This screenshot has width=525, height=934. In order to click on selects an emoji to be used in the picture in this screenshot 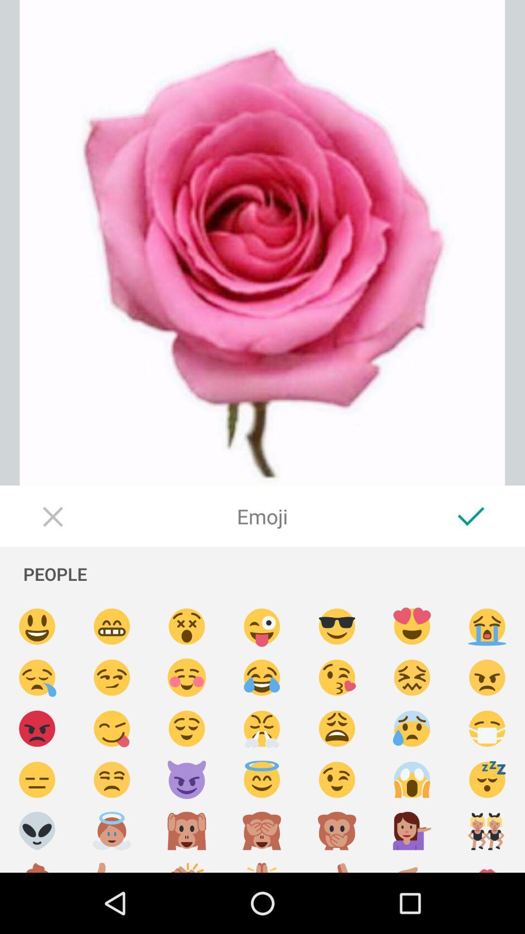, I will do `click(187, 780)`.